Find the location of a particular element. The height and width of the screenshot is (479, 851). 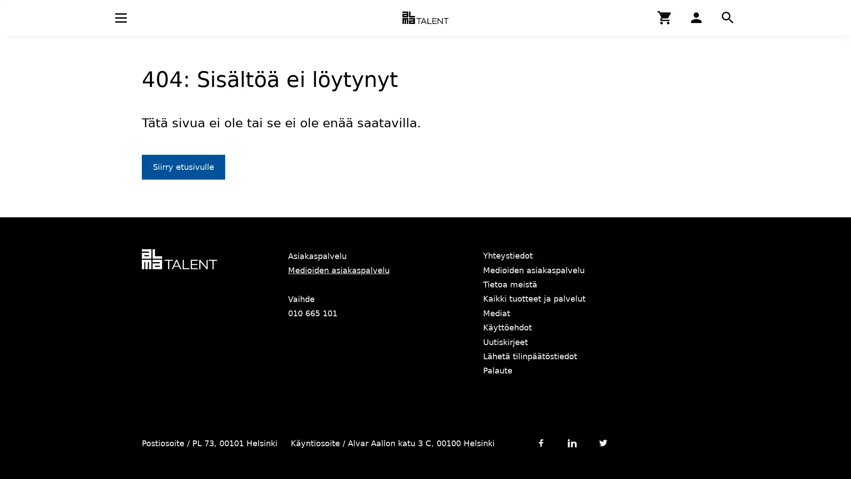

Hyvaksy is located at coordinates (553, 307).